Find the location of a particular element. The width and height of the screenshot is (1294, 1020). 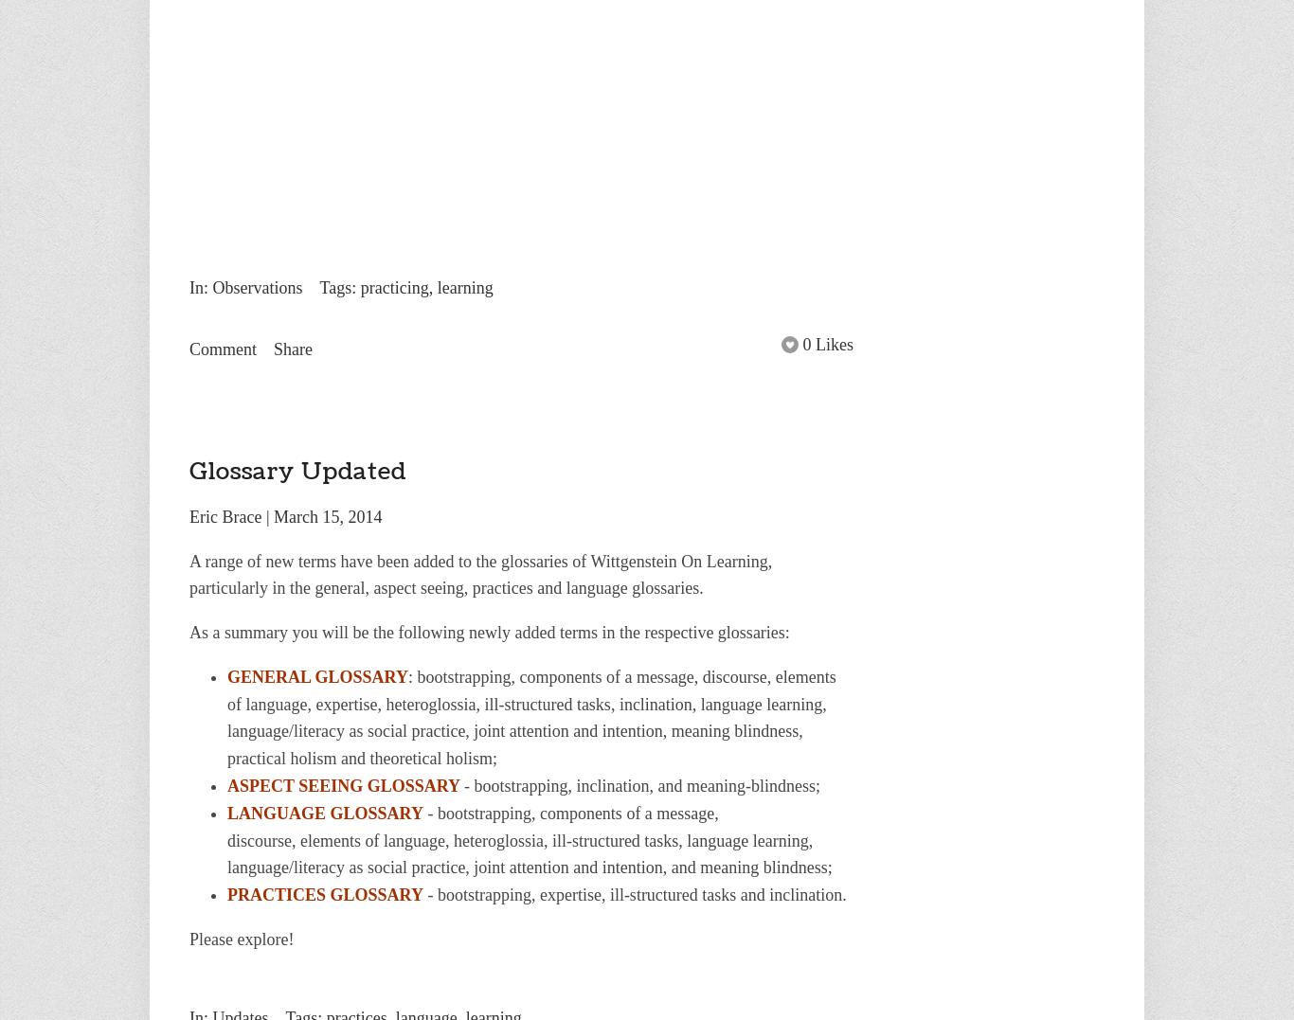

'As a summary you will be the following newly added terms in the respective glossaries:' is located at coordinates (489, 631).